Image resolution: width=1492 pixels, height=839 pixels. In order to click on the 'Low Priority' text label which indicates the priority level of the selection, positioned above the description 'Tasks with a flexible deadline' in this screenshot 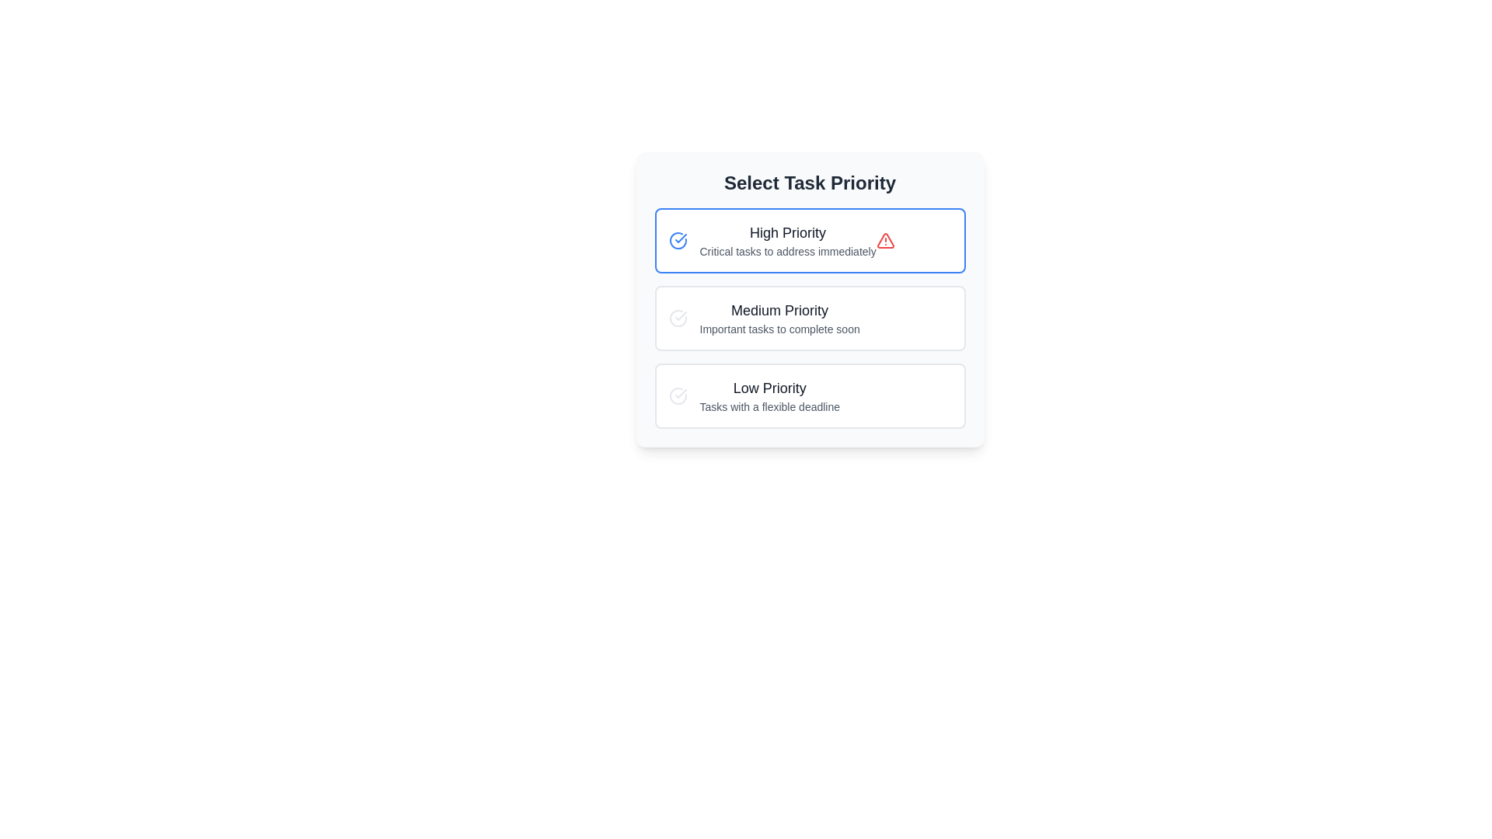, I will do `click(769, 388)`.